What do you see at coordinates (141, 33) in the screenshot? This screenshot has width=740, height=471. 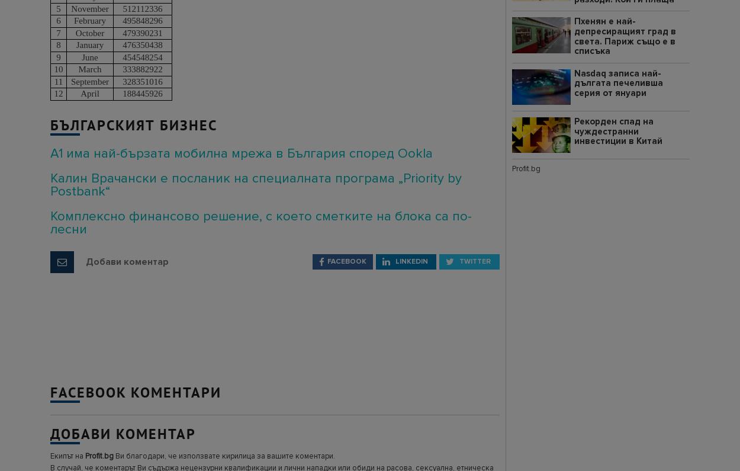 I see `'479390231'` at bounding box center [141, 33].